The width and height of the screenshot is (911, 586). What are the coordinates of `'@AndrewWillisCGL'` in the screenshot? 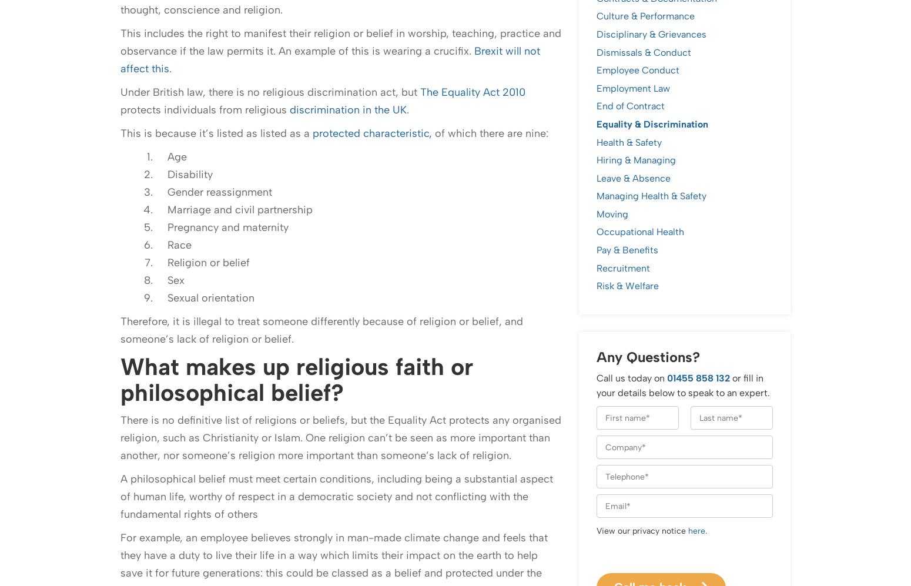 It's located at (305, 130).